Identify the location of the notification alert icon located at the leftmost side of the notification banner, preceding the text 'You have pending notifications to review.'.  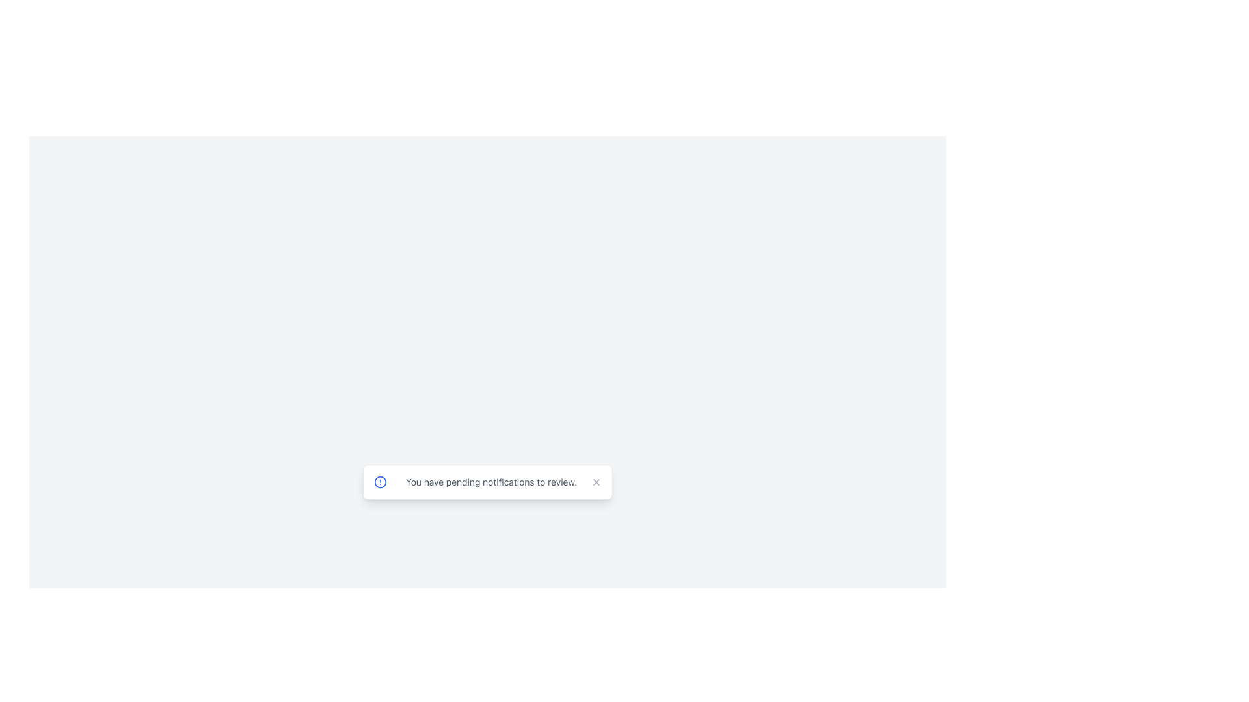
(379, 482).